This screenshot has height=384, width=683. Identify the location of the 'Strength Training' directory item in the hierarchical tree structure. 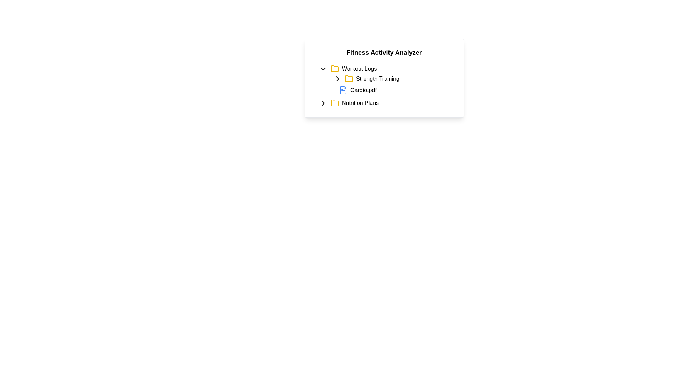
(394, 79).